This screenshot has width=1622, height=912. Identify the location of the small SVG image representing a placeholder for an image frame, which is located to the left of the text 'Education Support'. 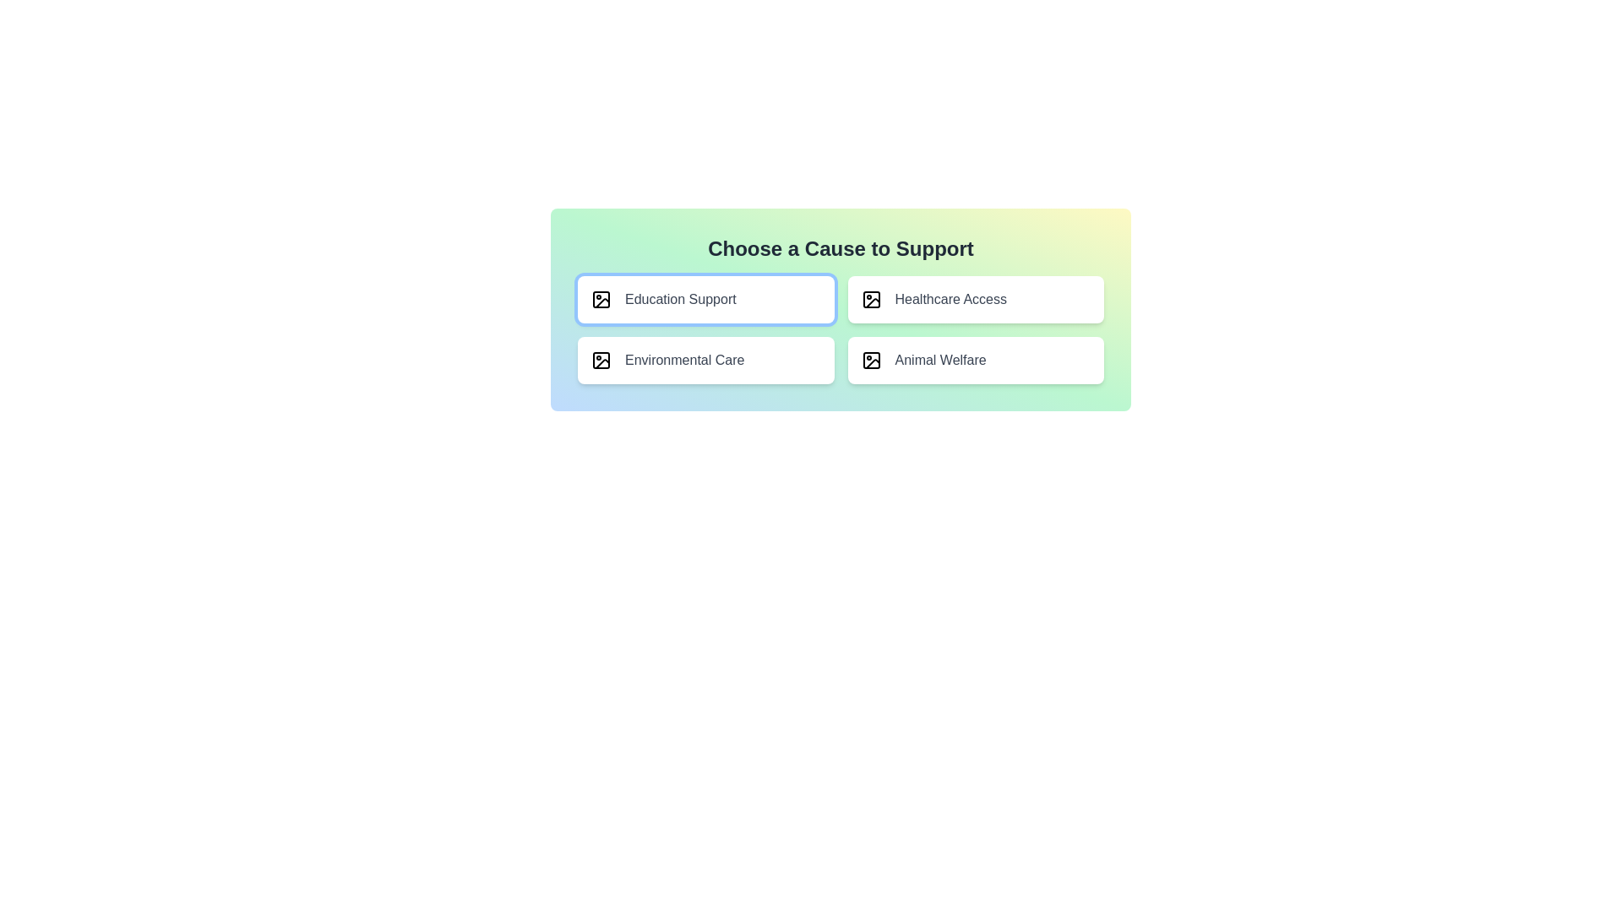
(601, 298).